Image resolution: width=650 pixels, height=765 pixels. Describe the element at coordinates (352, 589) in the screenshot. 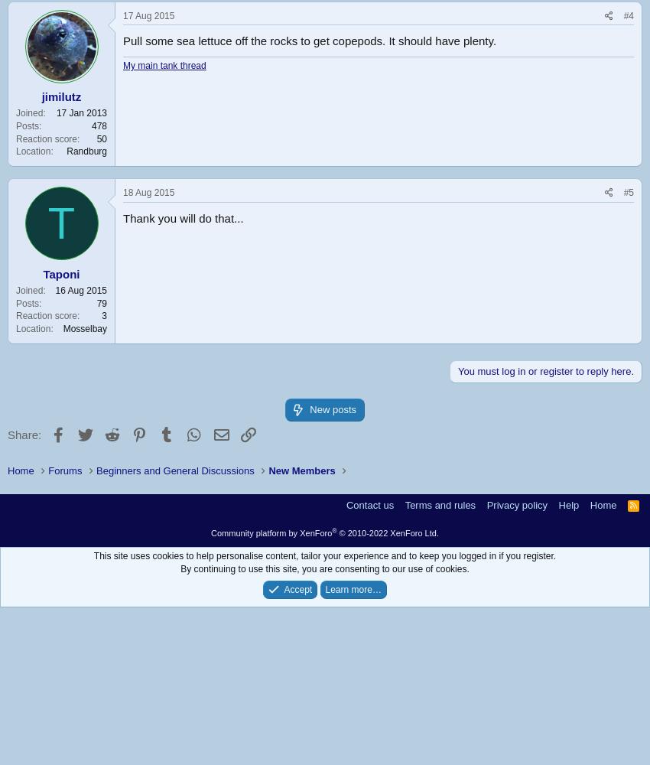

I see `'Learn more…'` at that location.